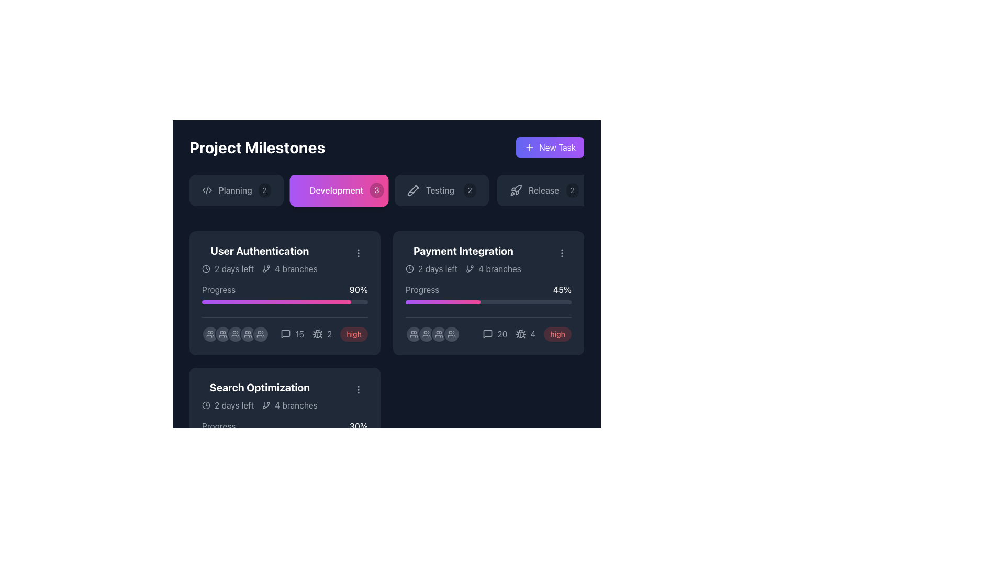 The width and height of the screenshot is (1005, 565). Describe the element at coordinates (222, 334) in the screenshot. I see `the first icon from the left representing users associated with the 'User Authentication' milestone in the upper-left section of the main dashboard` at that location.